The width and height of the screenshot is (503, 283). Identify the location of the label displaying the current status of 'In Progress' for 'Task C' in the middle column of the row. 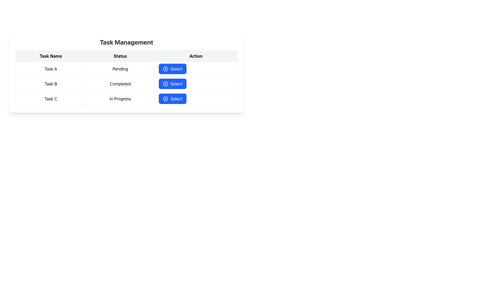
(120, 99).